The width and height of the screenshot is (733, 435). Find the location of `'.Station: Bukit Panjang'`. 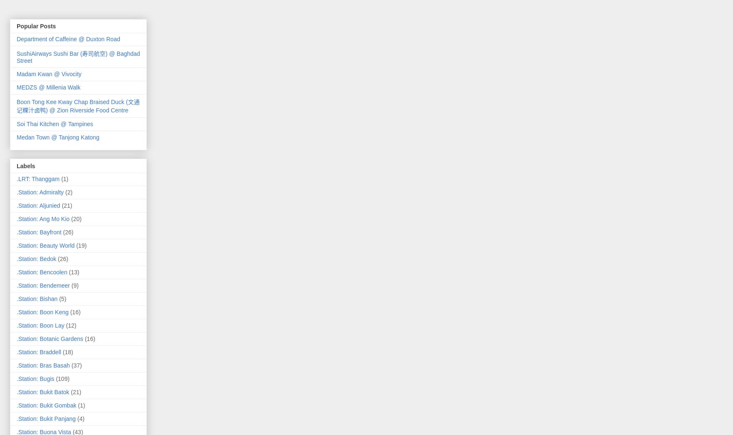

'.Station: Bukit Panjang' is located at coordinates (46, 418).